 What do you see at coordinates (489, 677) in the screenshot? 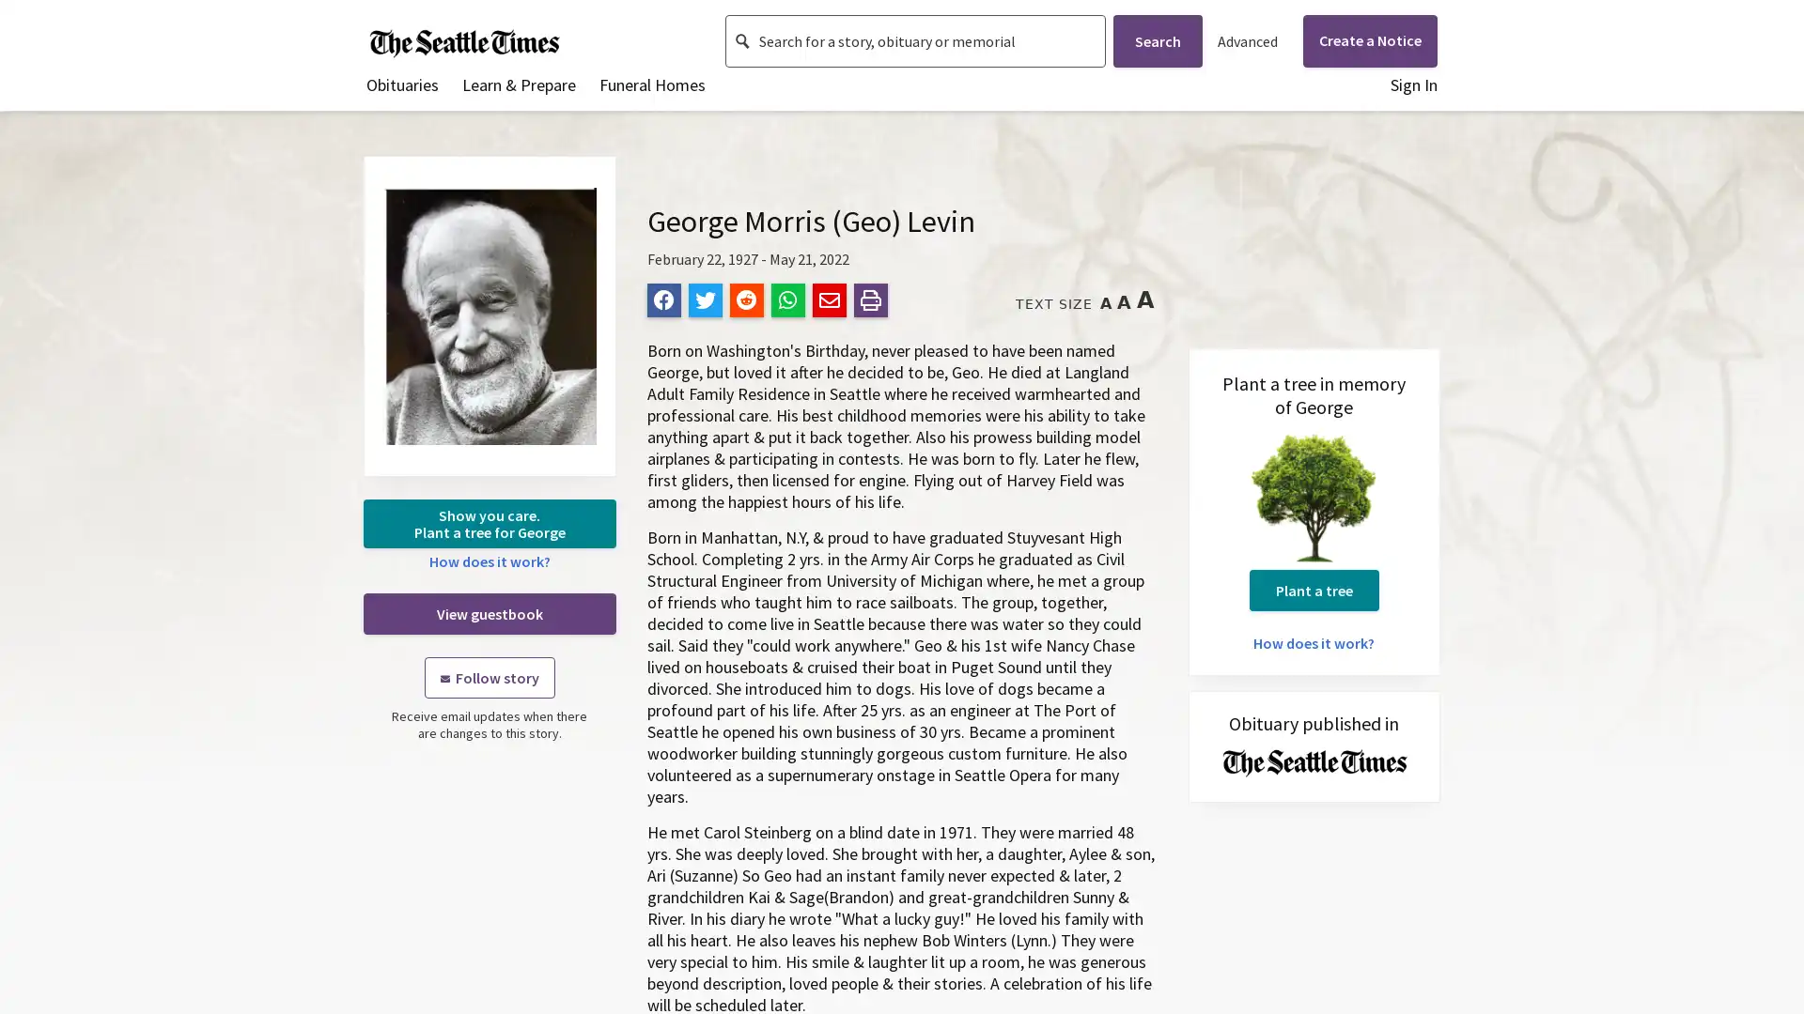
I see `Follow story` at bounding box center [489, 677].